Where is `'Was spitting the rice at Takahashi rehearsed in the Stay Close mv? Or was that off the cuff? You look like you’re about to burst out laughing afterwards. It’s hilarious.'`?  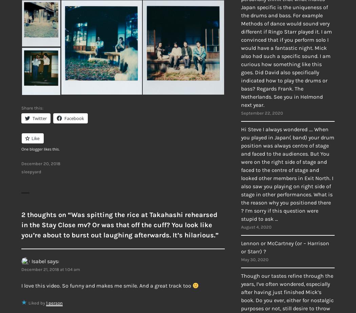 'Was spitting the rice at Takahashi rehearsed in the Stay Close mv? Or was that off the cuff? You look like you’re about to burst out laughing afterwards. It’s hilarious.' is located at coordinates (21, 224).